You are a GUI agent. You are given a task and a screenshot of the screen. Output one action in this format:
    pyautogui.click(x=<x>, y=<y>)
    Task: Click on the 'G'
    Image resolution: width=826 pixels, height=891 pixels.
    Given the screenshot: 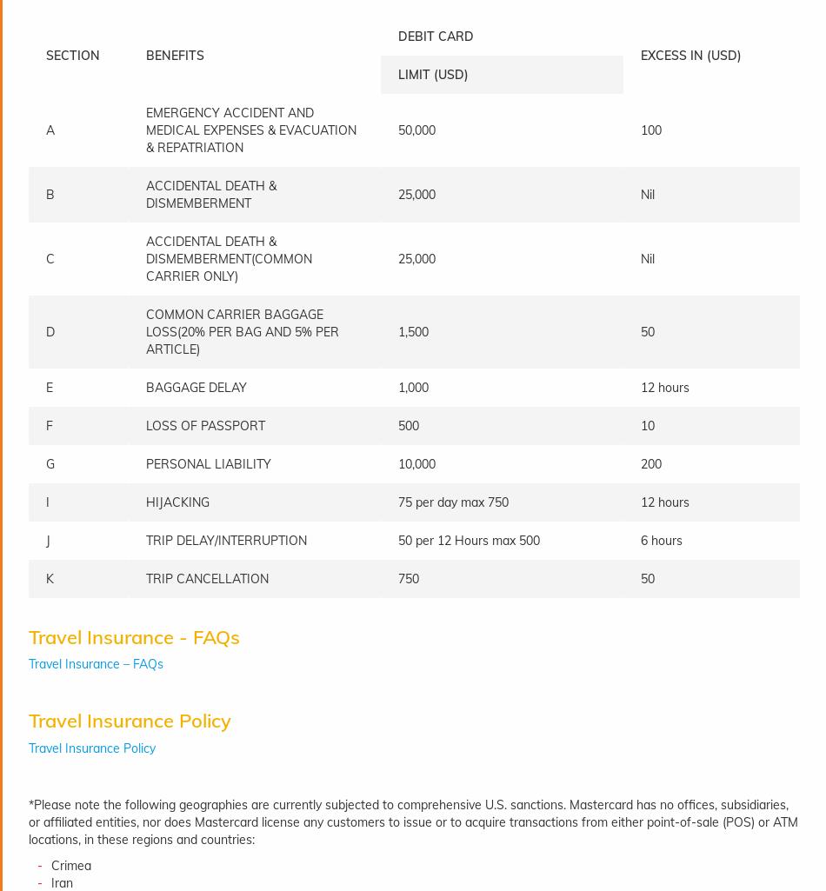 What is the action you would take?
    pyautogui.click(x=50, y=462)
    